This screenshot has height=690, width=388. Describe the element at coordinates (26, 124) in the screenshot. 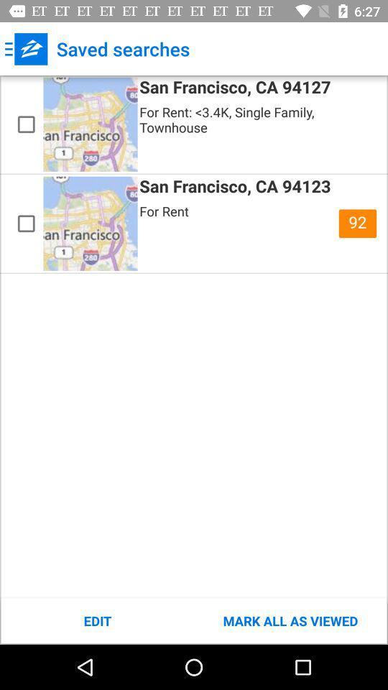

I see `search` at that location.